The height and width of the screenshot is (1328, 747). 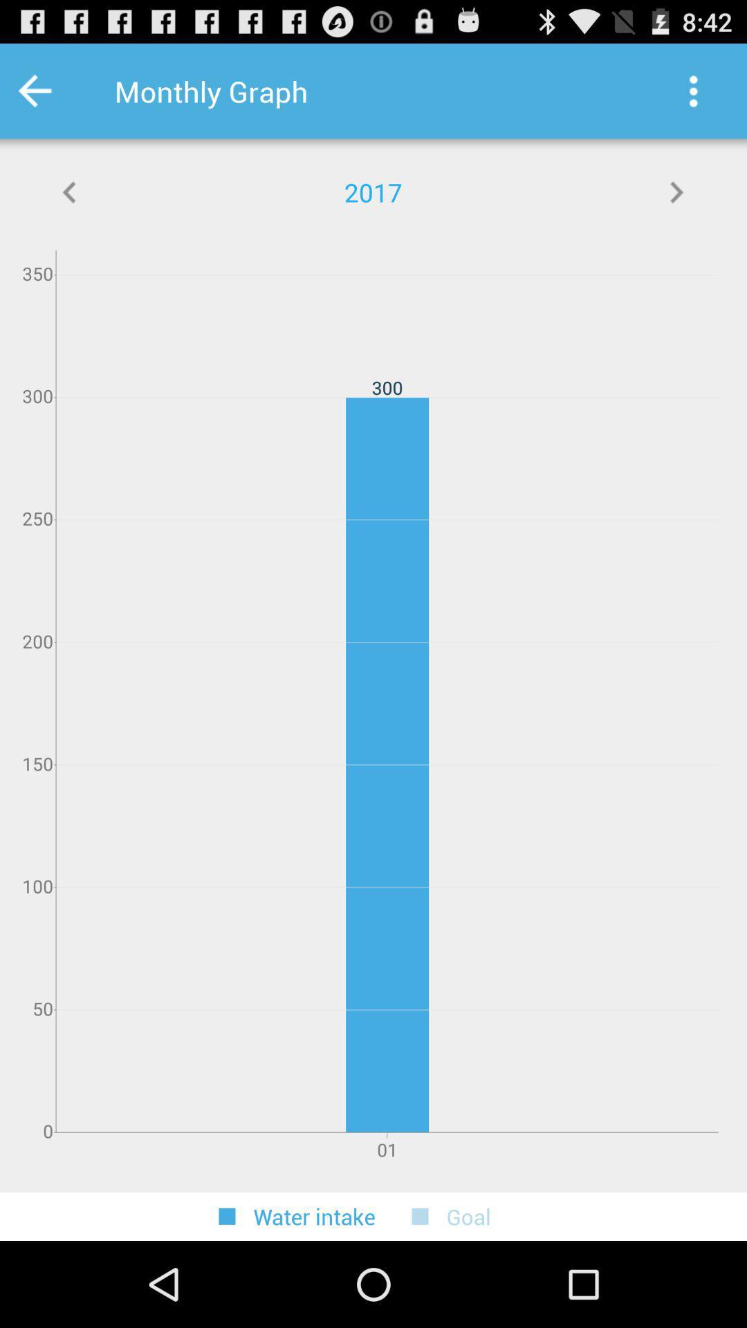 What do you see at coordinates (693, 97) in the screenshot?
I see `the more icon` at bounding box center [693, 97].